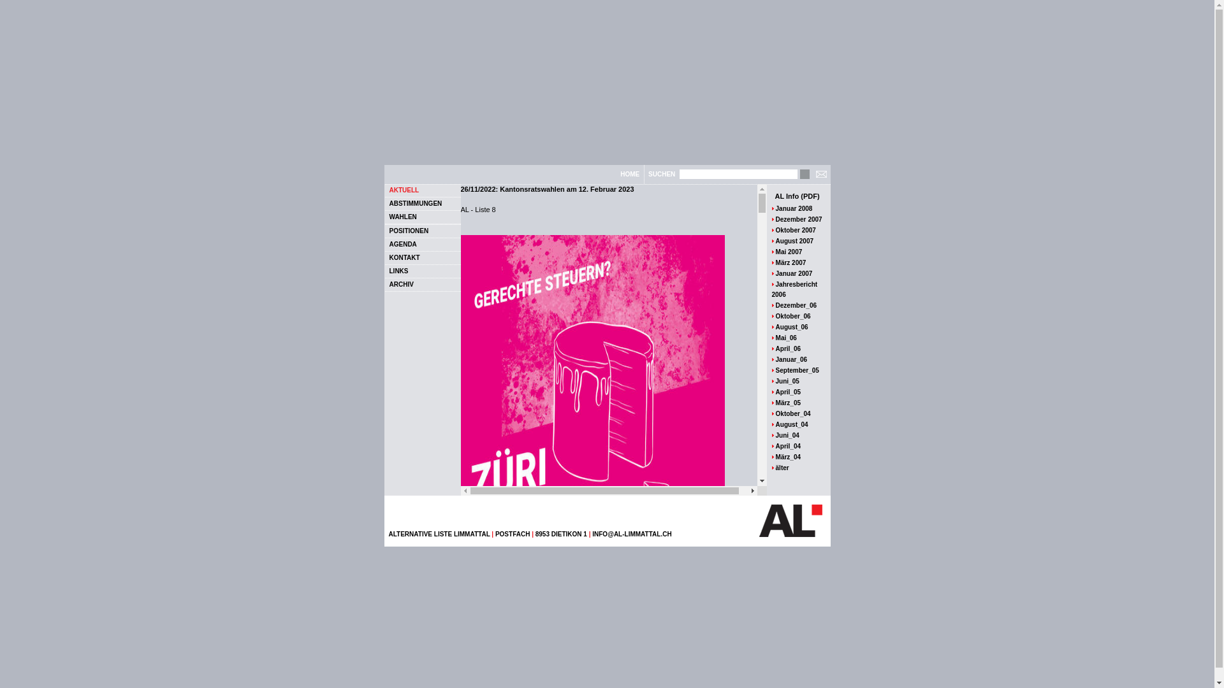 The width and height of the screenshot is (1224, 688). What do you see at coordinates (388, 230) in the screenshot?
I see `'POSITIONEN'` at bounding box center [388, 230].